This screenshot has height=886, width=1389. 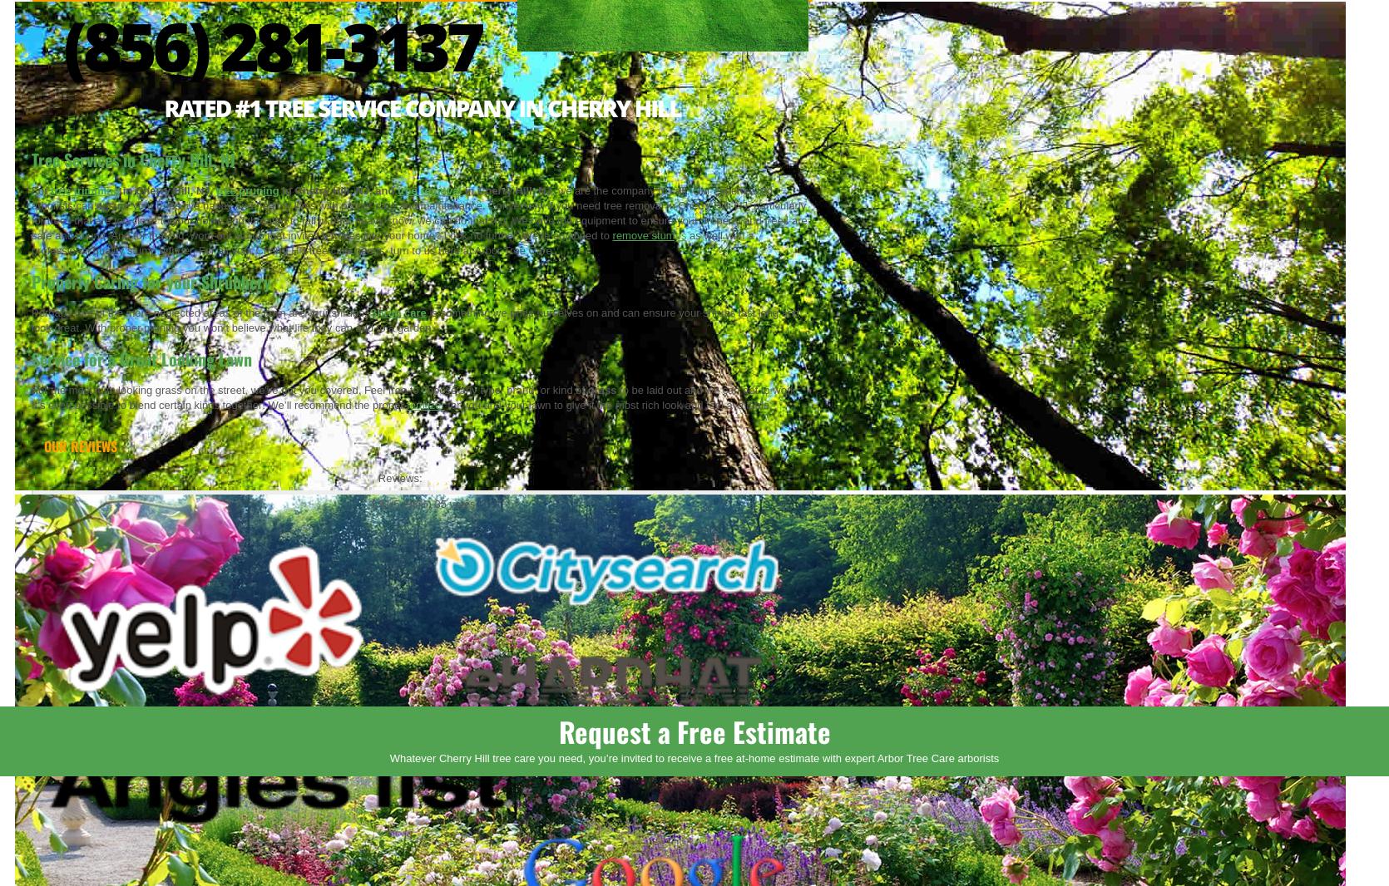 I want to click on '(856) 281-3137', so click(x=270, y=44).